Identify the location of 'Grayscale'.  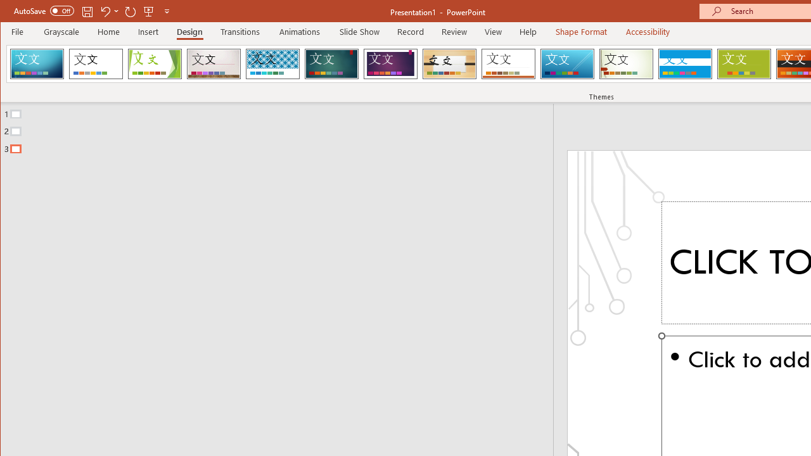
(61, 31).